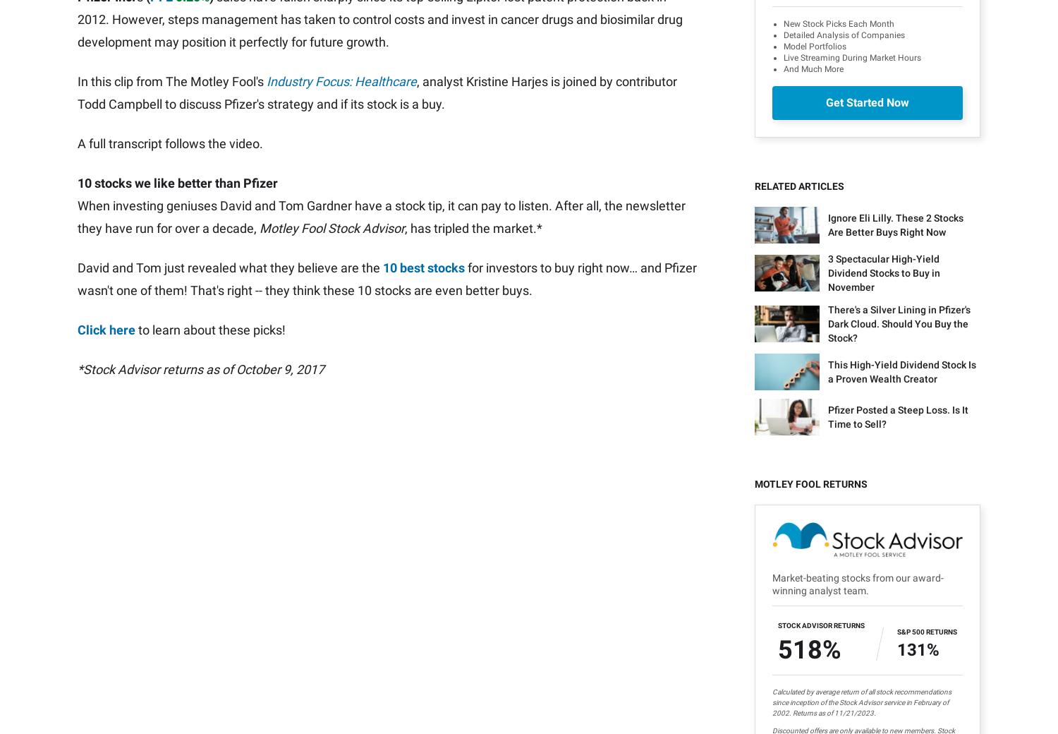  Describe the element at coordinates (482, 585) in the screenshot. I see `'All Services'` at that location.